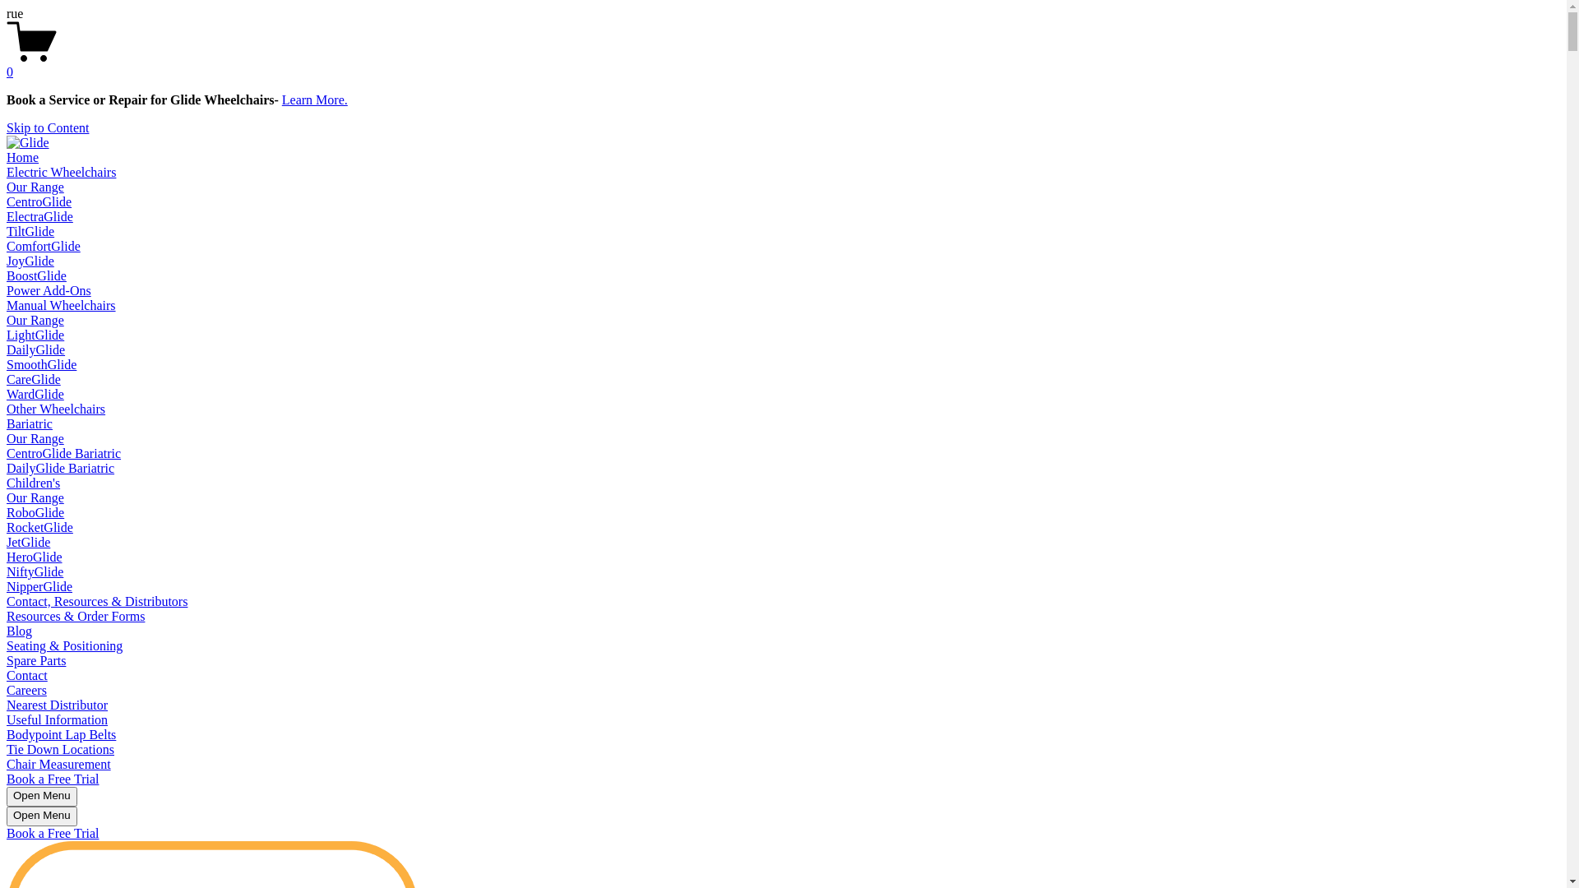  What do you see at coordinates (35, 497) in the screenshot?
I see `'Our Range'` at bounding box center [35, 497].